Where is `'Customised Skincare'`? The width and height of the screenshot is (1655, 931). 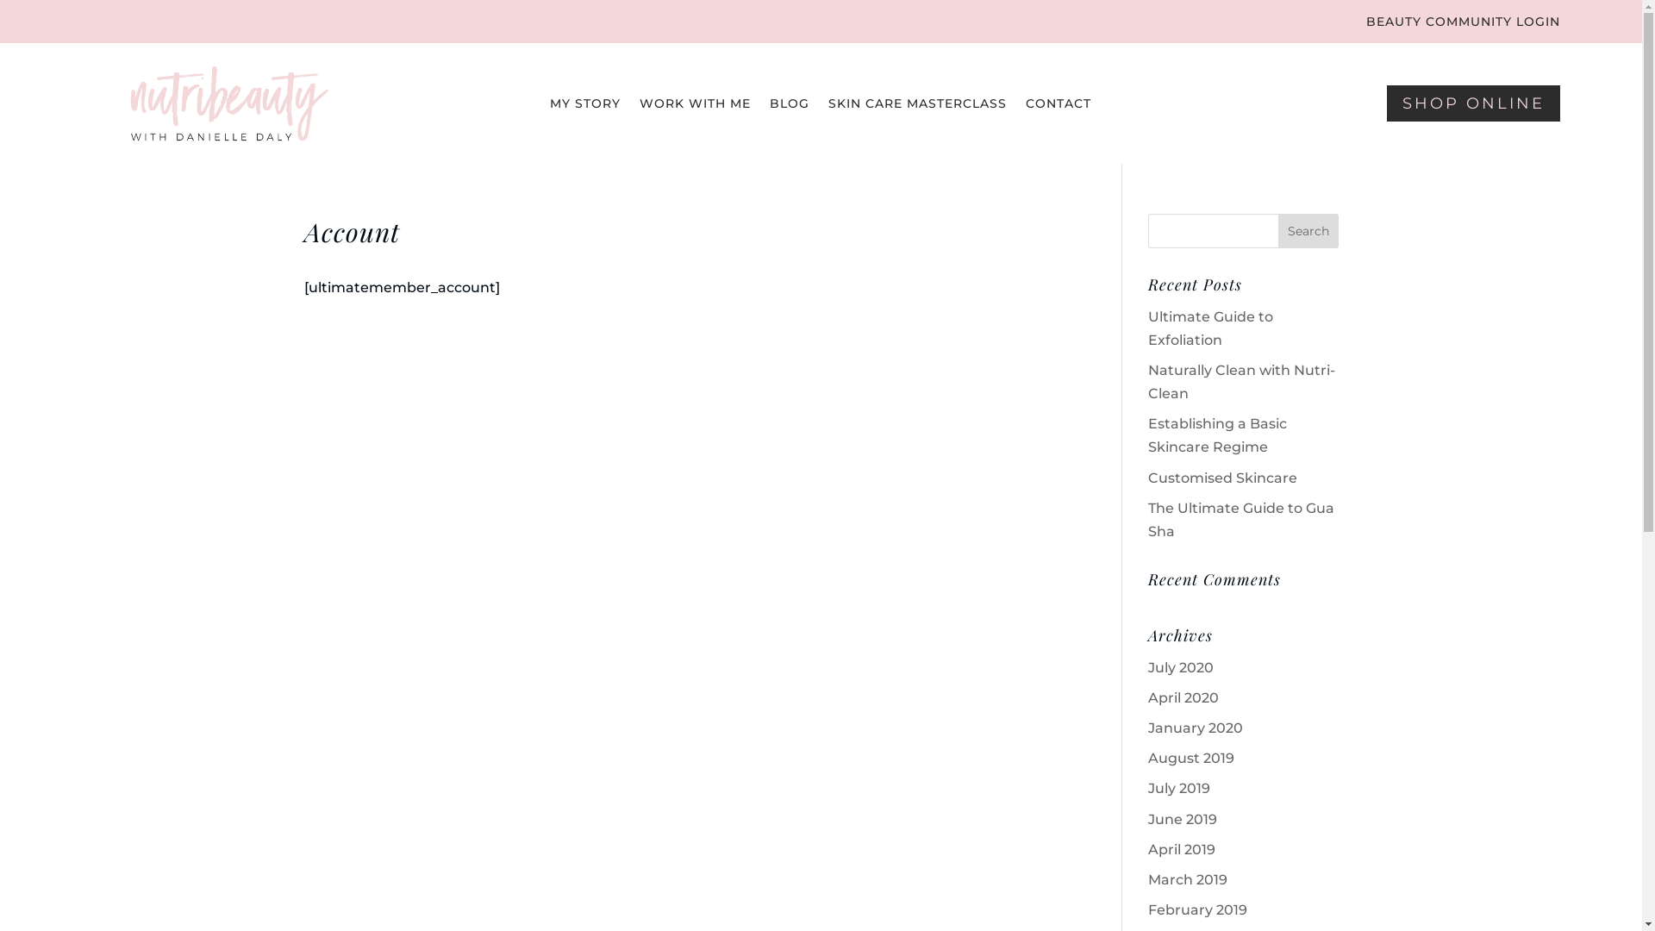 'Customised Skincare' is located at coordinates (1221, 478).